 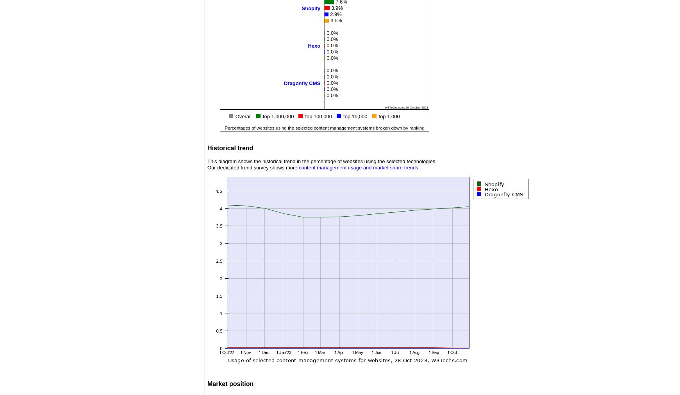 What do you see at coordinates (310, 7) in the screenshot?
I see `'Shopify'` at bounding box center [310, 7].